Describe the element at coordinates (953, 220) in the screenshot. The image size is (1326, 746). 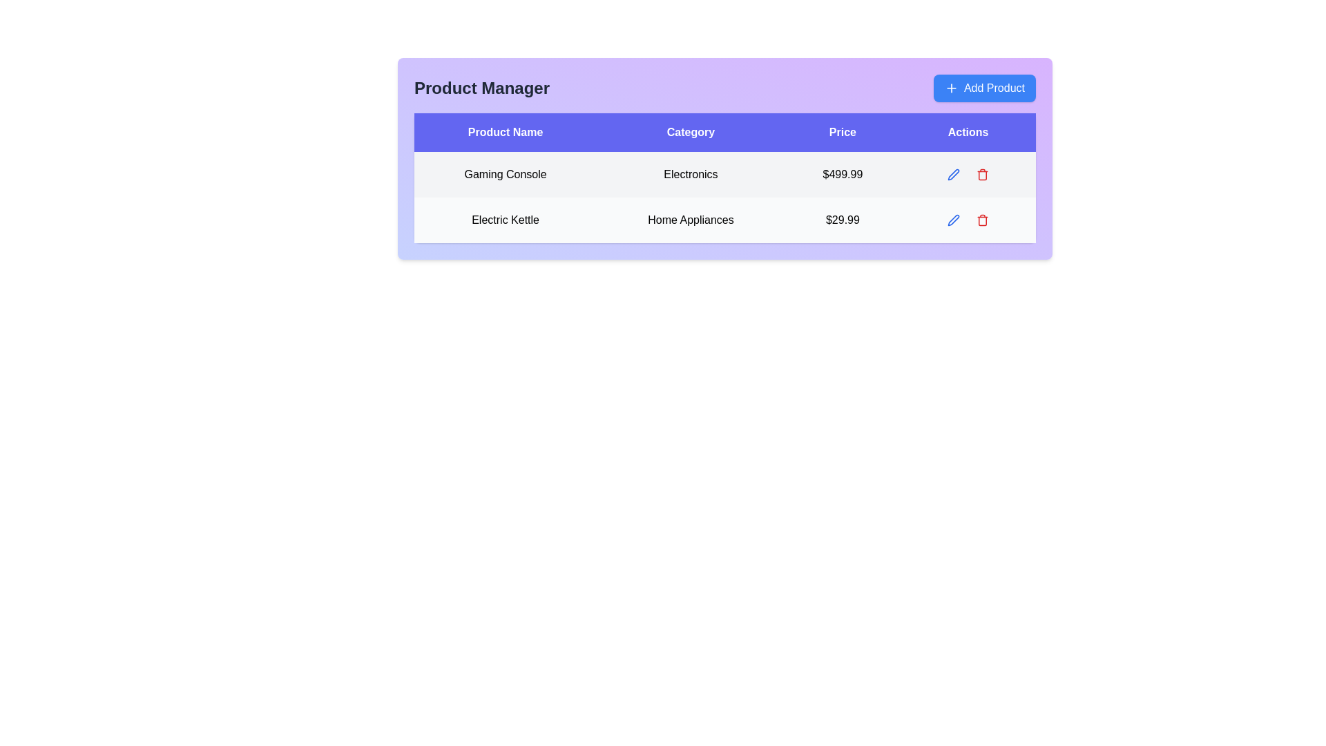
I see `the edit action button (SVG Icon) located in the 'Actions' column of the second row of the table` at that location.